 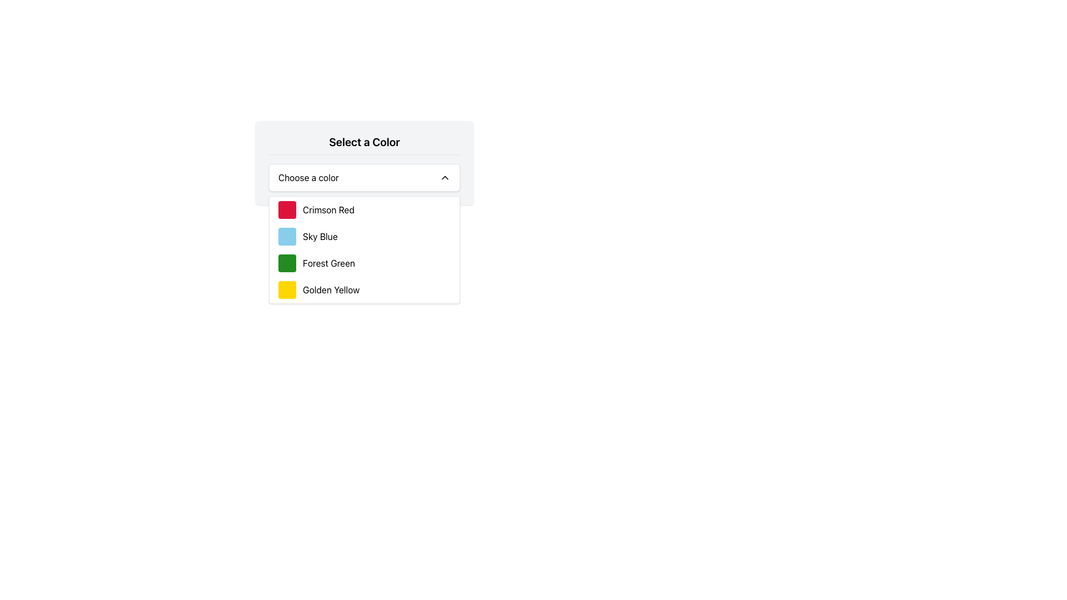 I want to click on the 'Crimson Red' option in the color selection dropdown menu, so click(x=365, y=210).